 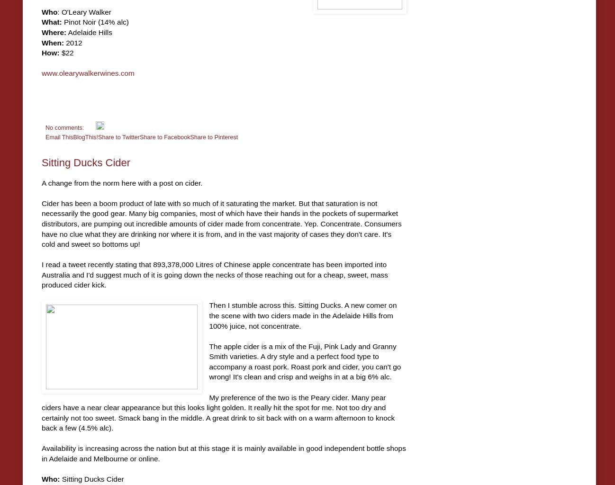 What do you see at coordinates (54, 32) in the screenshot?
I see `'Where:'` at bounding box center [54, 32].